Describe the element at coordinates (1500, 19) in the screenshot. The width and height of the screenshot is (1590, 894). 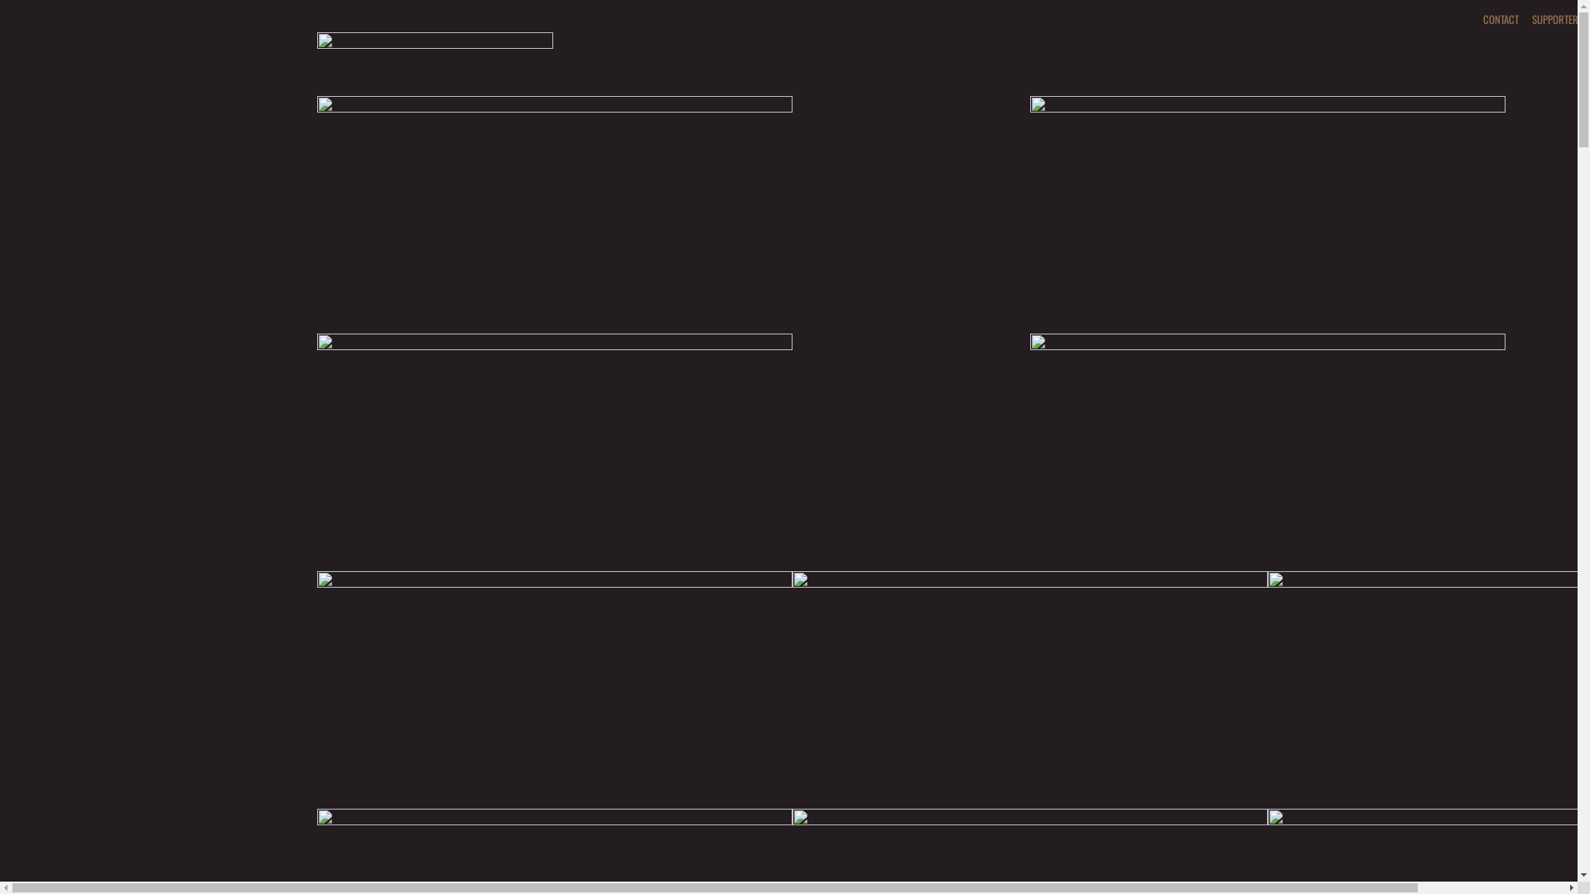
I see `'CONTACT'` at that location.